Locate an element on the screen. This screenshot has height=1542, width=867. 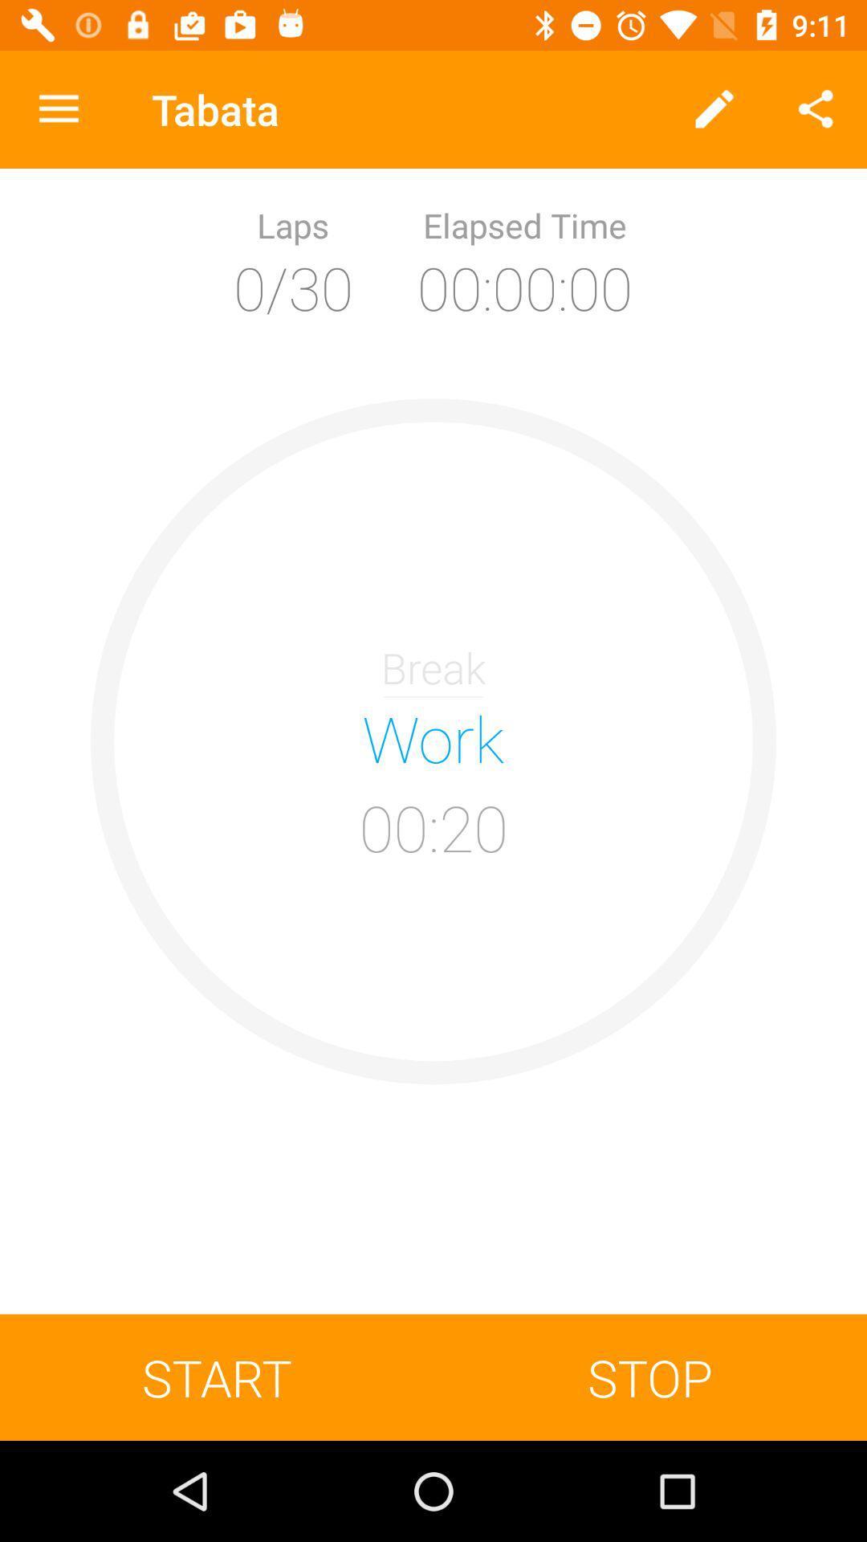
item to the right of start is located at coordinates (650, 1377).